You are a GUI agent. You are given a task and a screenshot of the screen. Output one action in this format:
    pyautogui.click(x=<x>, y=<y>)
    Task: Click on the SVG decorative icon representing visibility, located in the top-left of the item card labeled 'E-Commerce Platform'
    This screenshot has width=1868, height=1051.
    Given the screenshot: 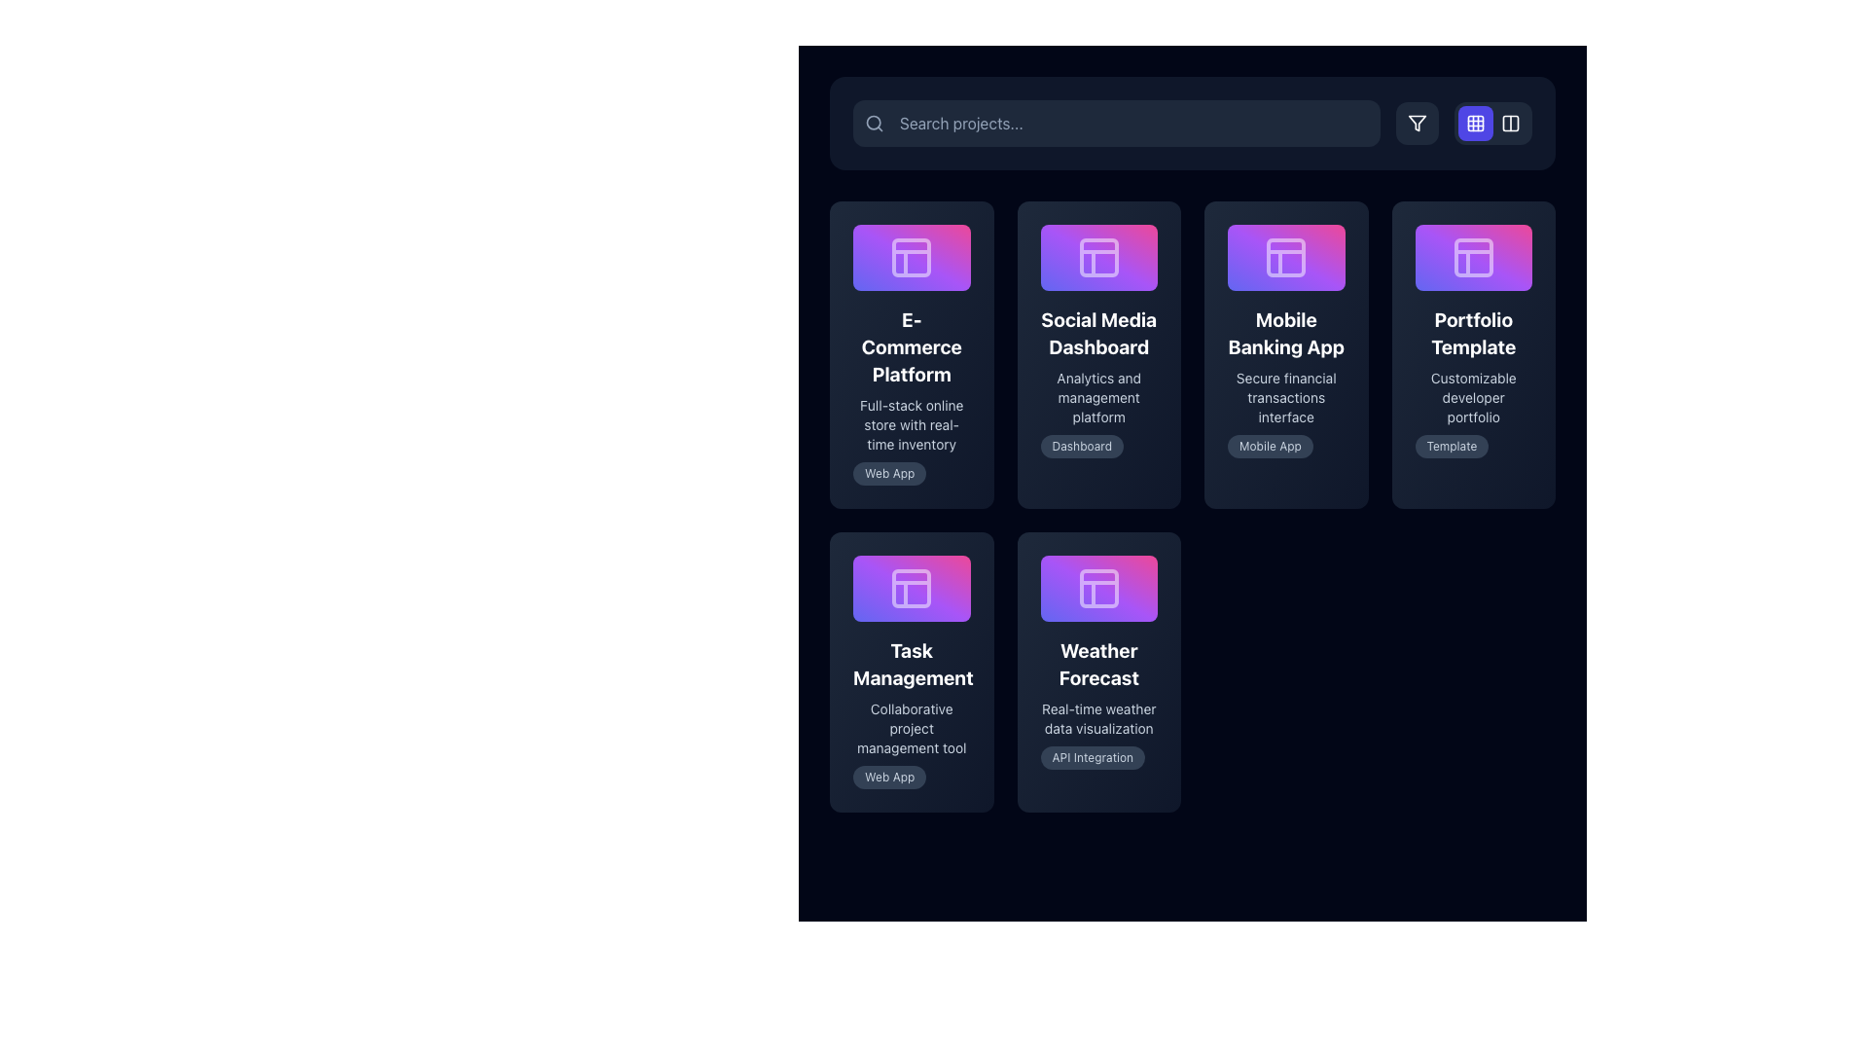 What is the action you would take?
    pyautogui.click(x=853, y=354)
    